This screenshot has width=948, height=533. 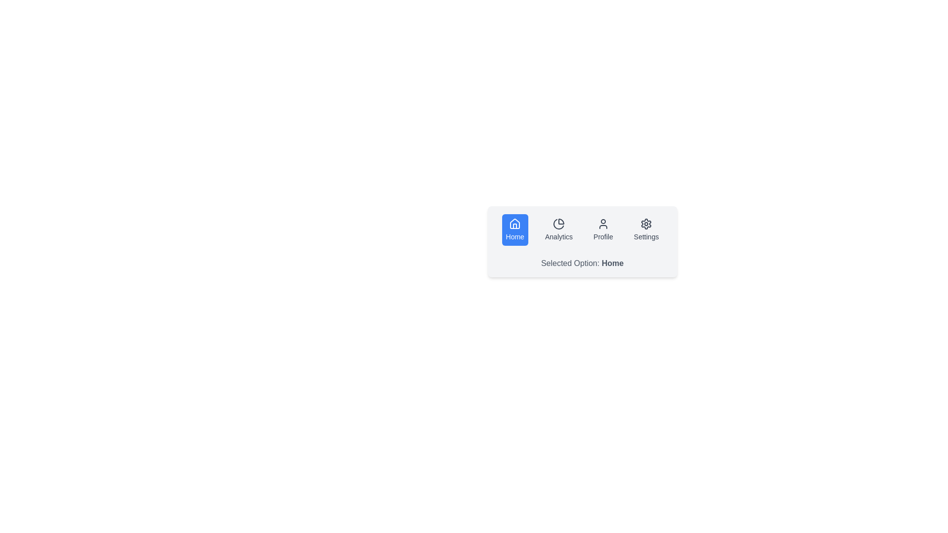 What do you see at coordinates (602, 236) in the screenshot?
I see `text label located under the third icon in the horizontal navigation menu, which indicates the user profile section` at bounding box center [602, 236].